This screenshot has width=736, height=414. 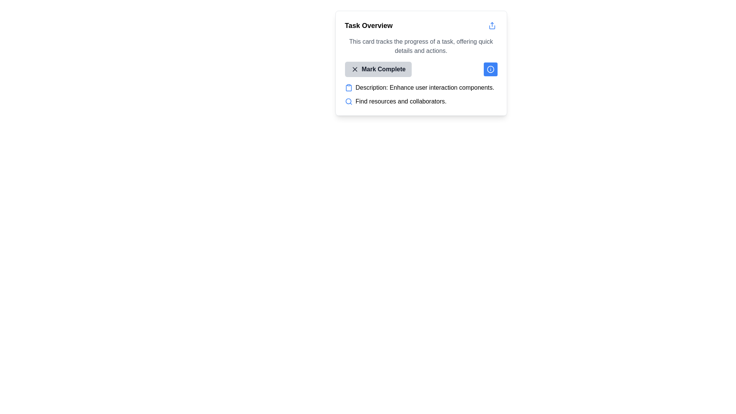 I want to click on the decorative SVG circle graphic located in the upper-right section of the 'Task Overview' card, which is part of an informational icon, so click(x=490, y=69).